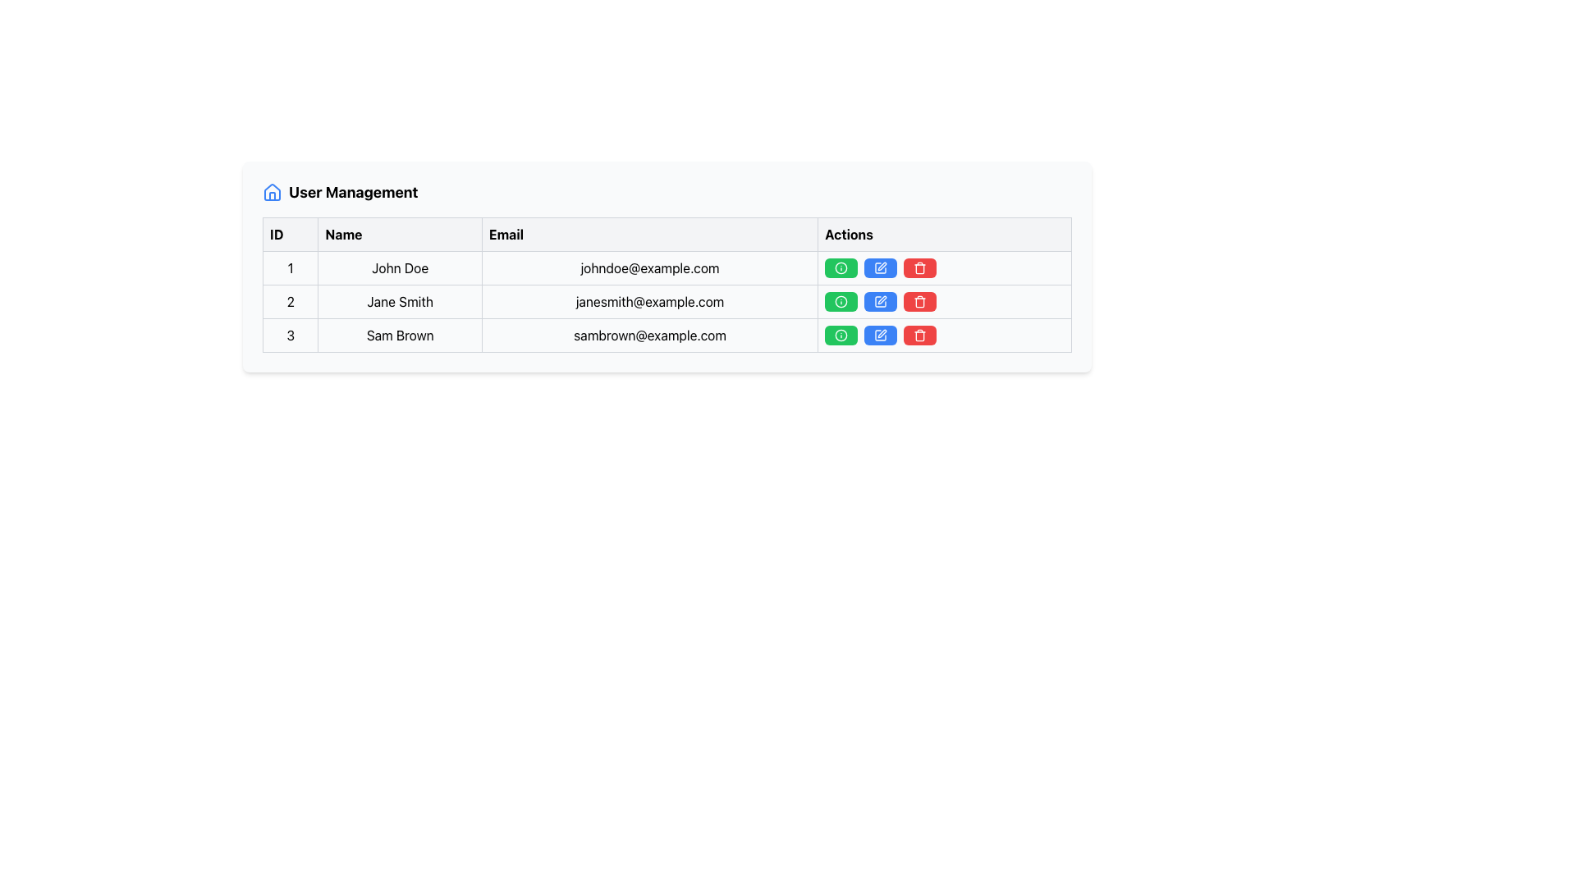 The width and height of the screenshot is (1576, 886). Describe the element at coordinates (352, 192) in the screenshot. I see `bold and large header text 'User Management' to understand the section context` at that location.